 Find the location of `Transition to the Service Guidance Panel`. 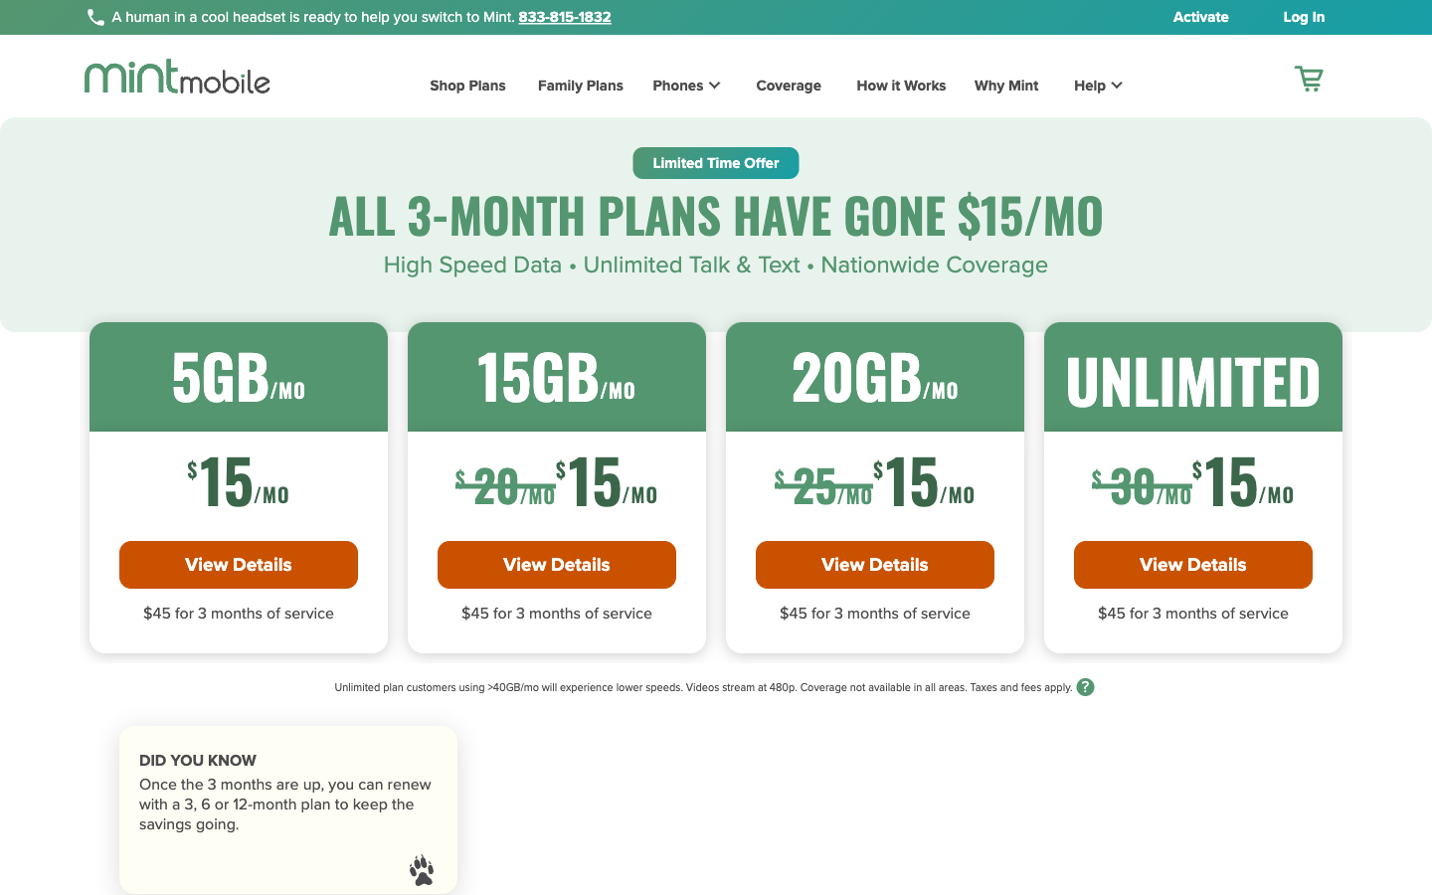

Transition to the Service Guidance Panel is located at coordinates (1085, 88).